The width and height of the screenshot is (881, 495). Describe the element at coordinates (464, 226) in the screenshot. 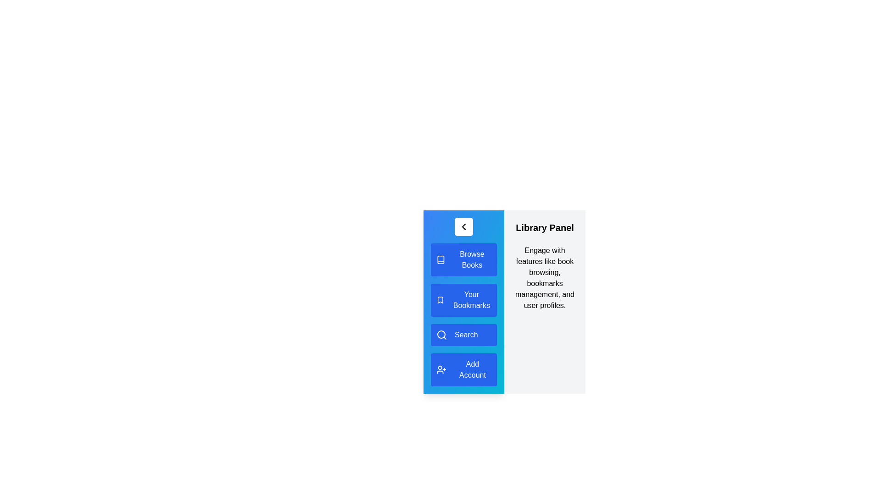

I see `the toggle button to toggle the drawer's state` at that location.